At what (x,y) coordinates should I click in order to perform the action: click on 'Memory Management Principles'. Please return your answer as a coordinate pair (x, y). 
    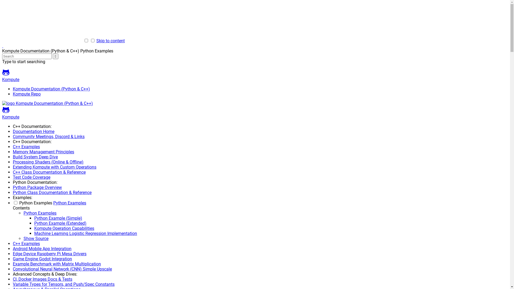
    Looking at the image, I should click on (43, 152).